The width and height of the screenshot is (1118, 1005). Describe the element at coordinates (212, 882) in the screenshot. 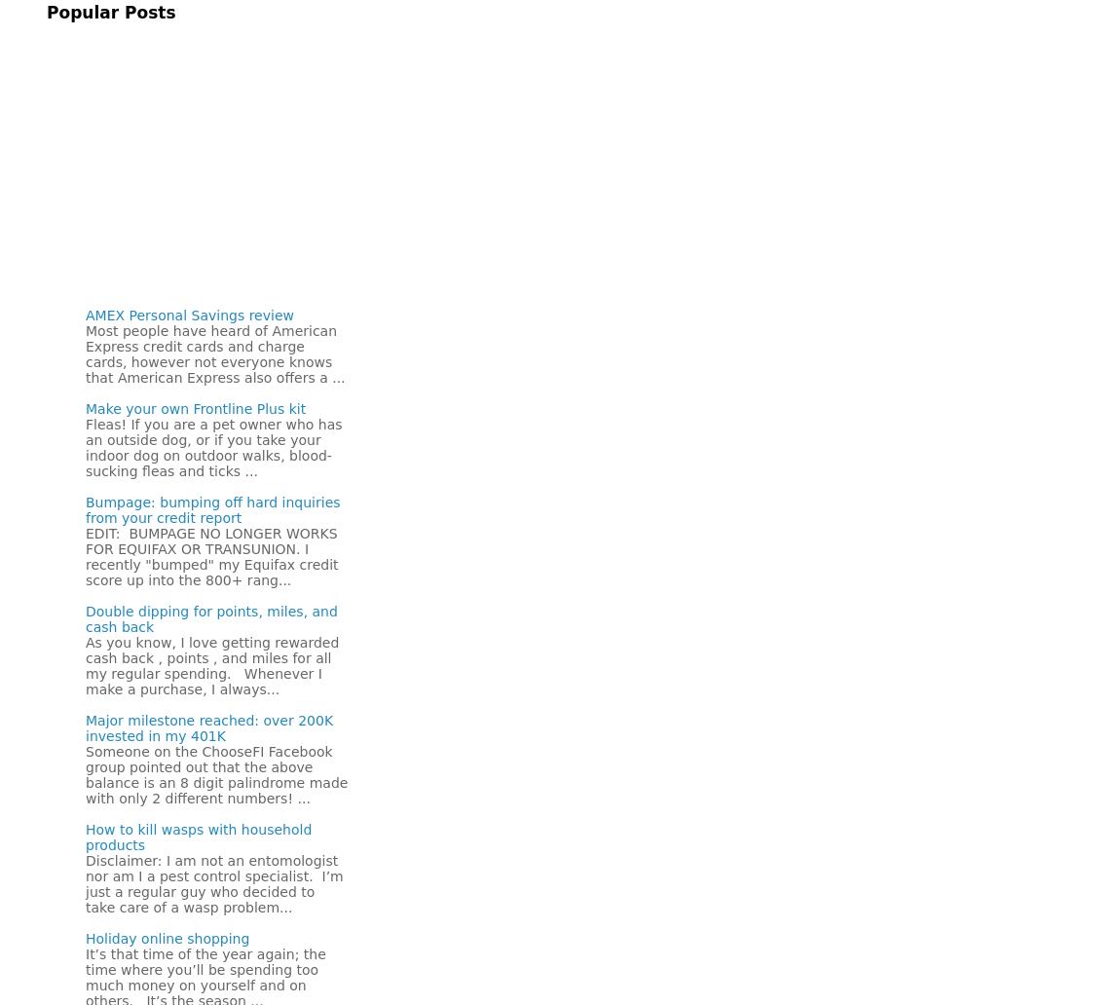

I see `'Disclaimer: I am not an entomologist nor am I a pest control specialist.  I’m just a regular guy who decided to take care of a wasp problem...'` at that location.